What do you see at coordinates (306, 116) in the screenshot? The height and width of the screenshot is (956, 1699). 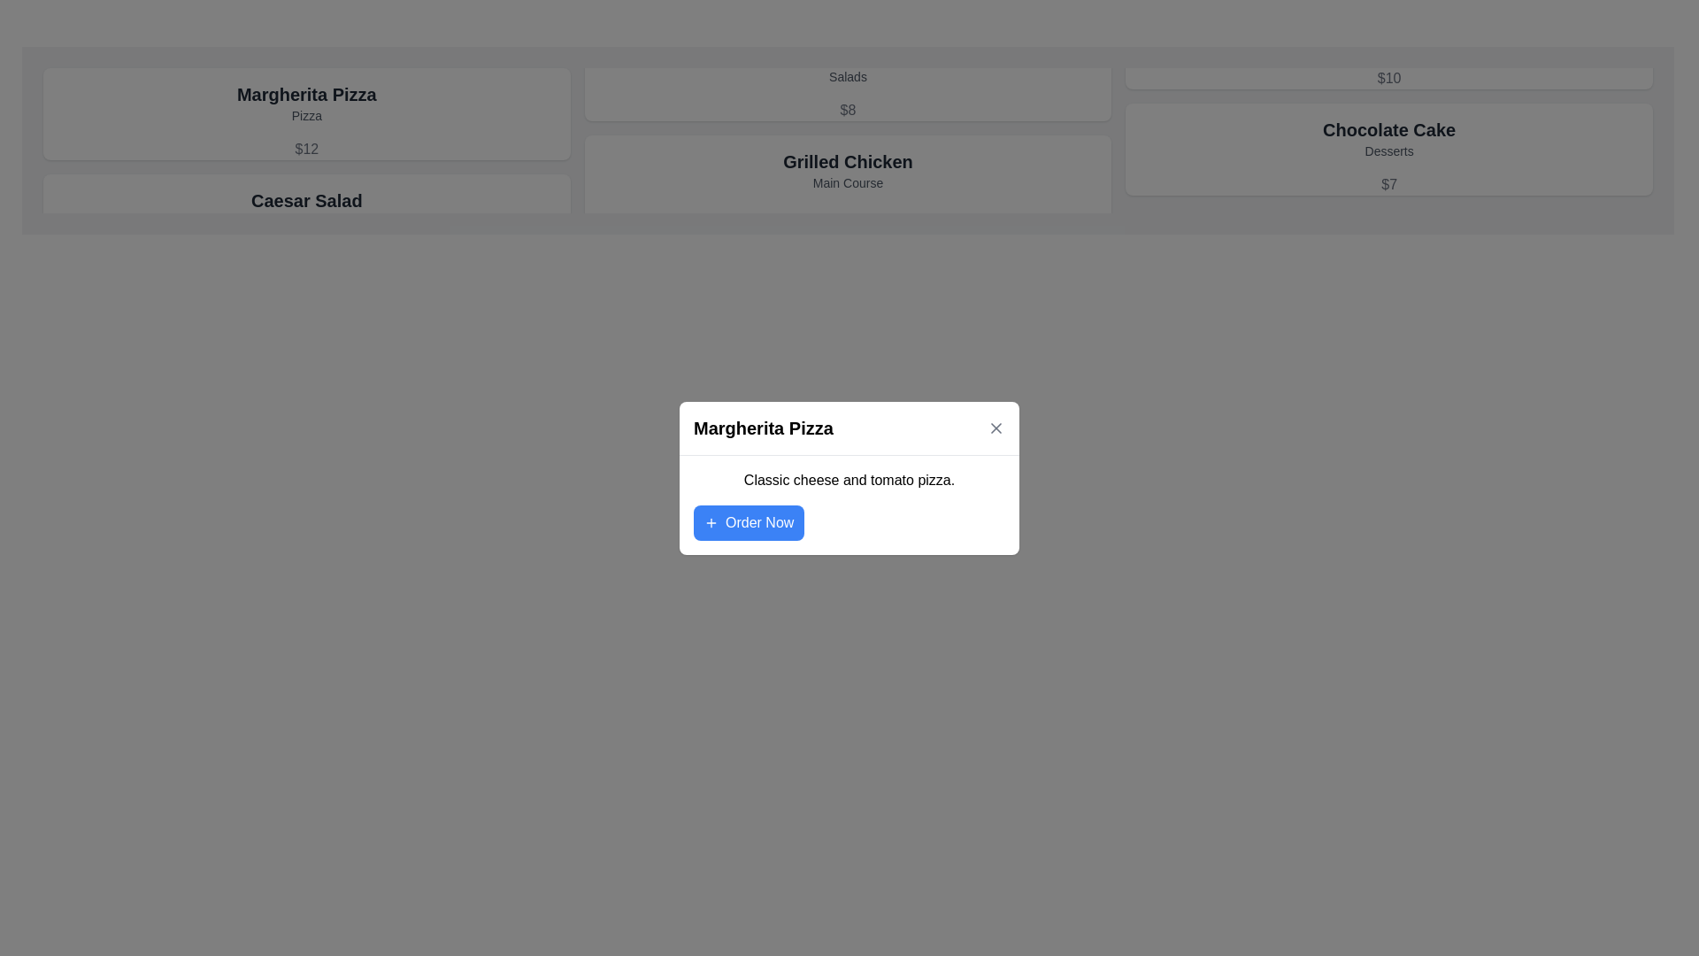 I see `the Text Label displaying 'Pizza'` at bounding box center [306, 116].